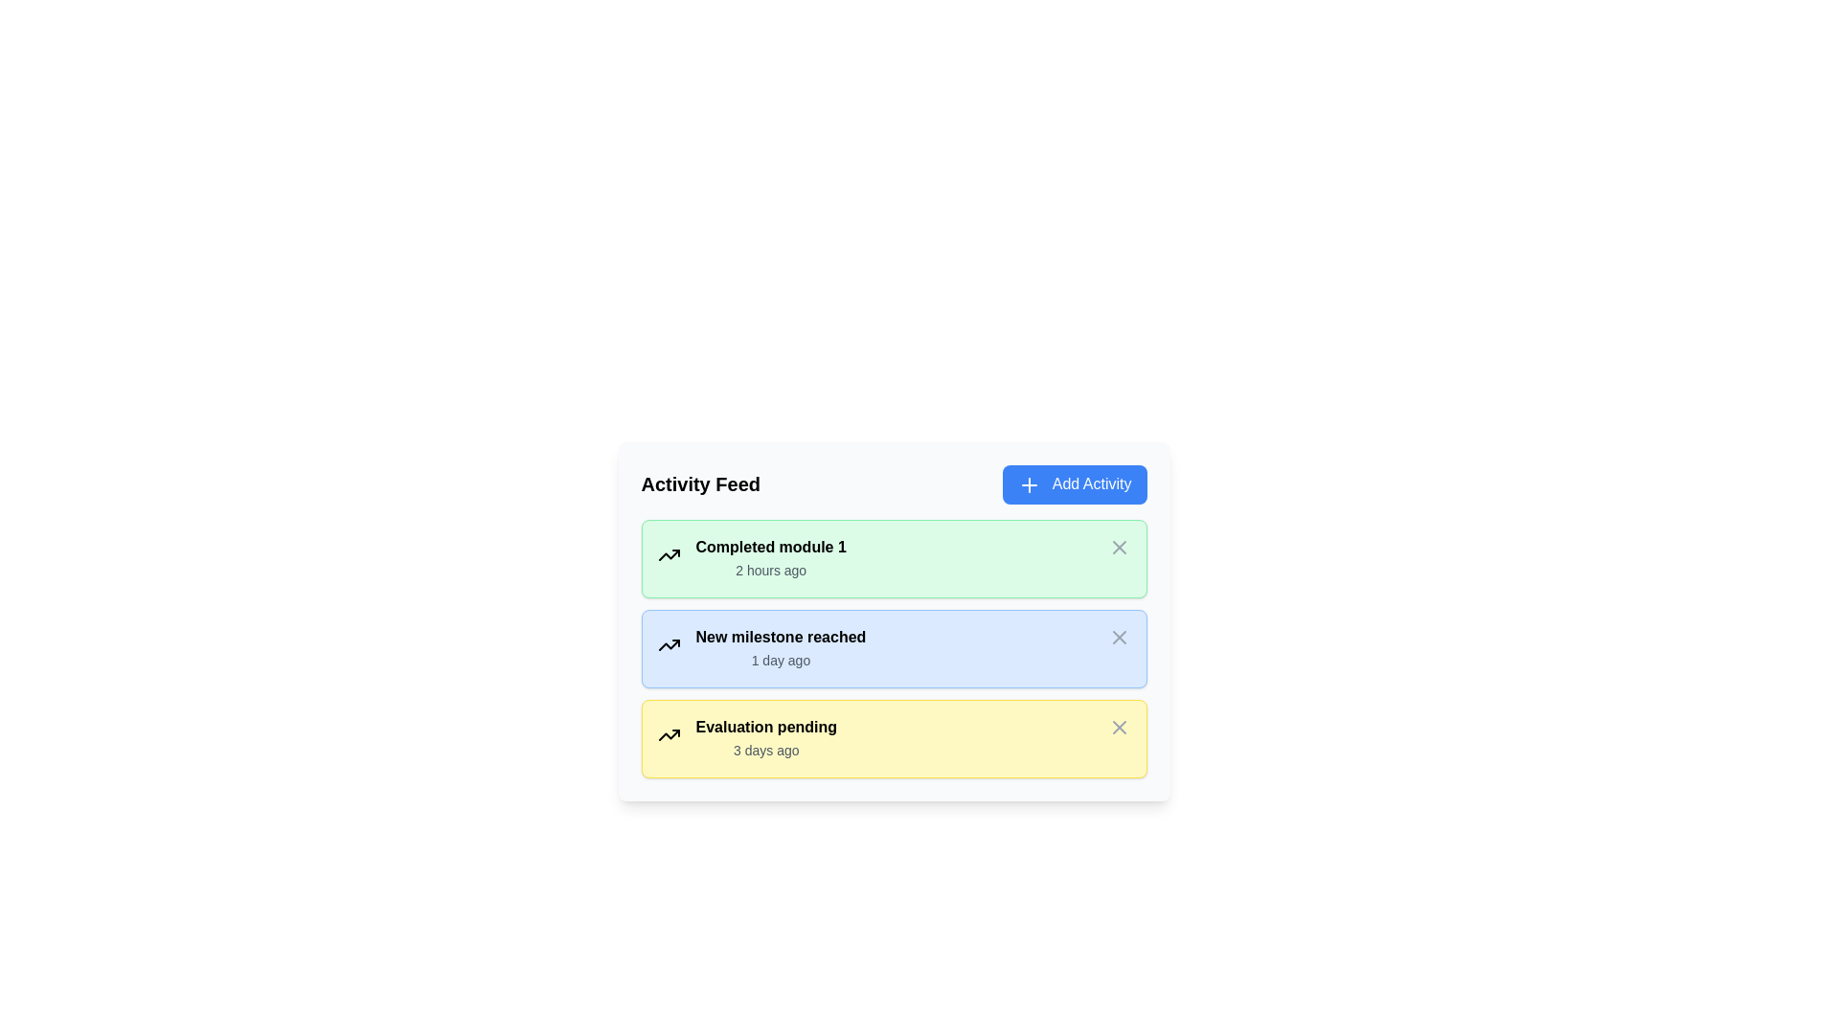 The height and width of the screenshot is (1034, 1839). What do you see at coordinates (669, 644) in the screenshot?
I see `the compact icon featuring a line graph within the 'New milestone reached' activity card in the second row of the activity feed for further comprehension` at bounding box center [669, 644].